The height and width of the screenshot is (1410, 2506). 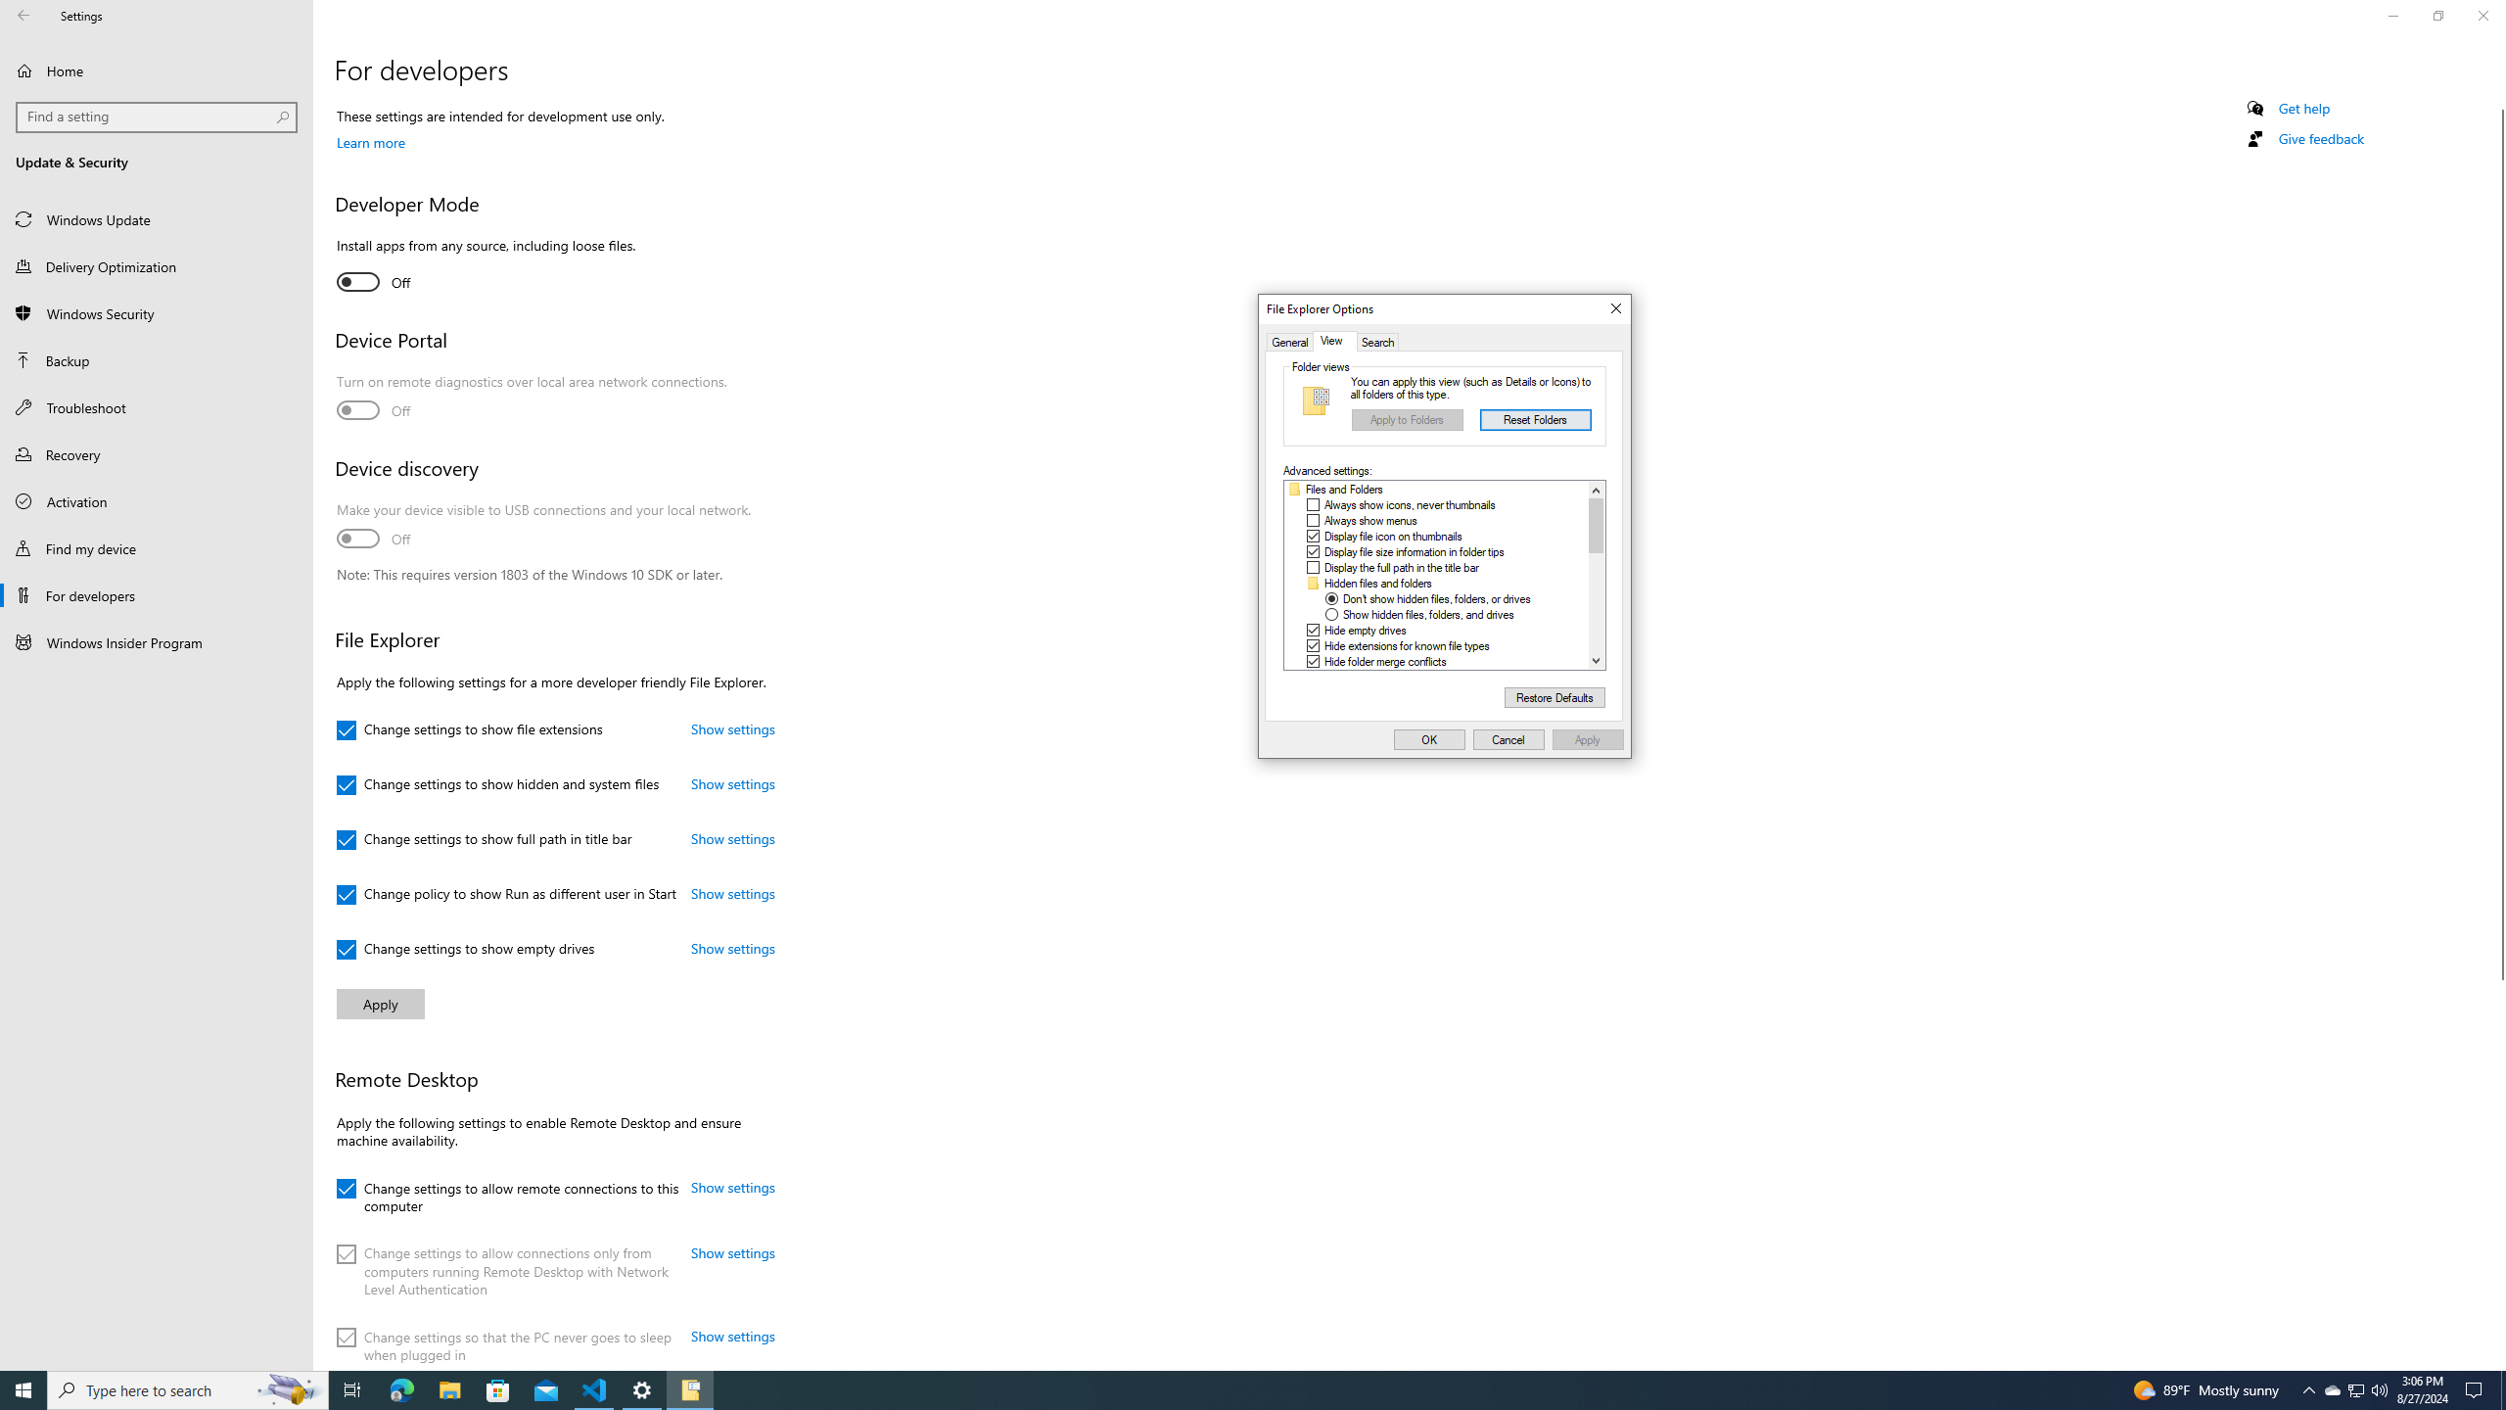 What do you see at coordinates (288, 1388) in the screenshot?
I see `'Search highlights icon opens search home window'` at bounding box center [288, 1388].